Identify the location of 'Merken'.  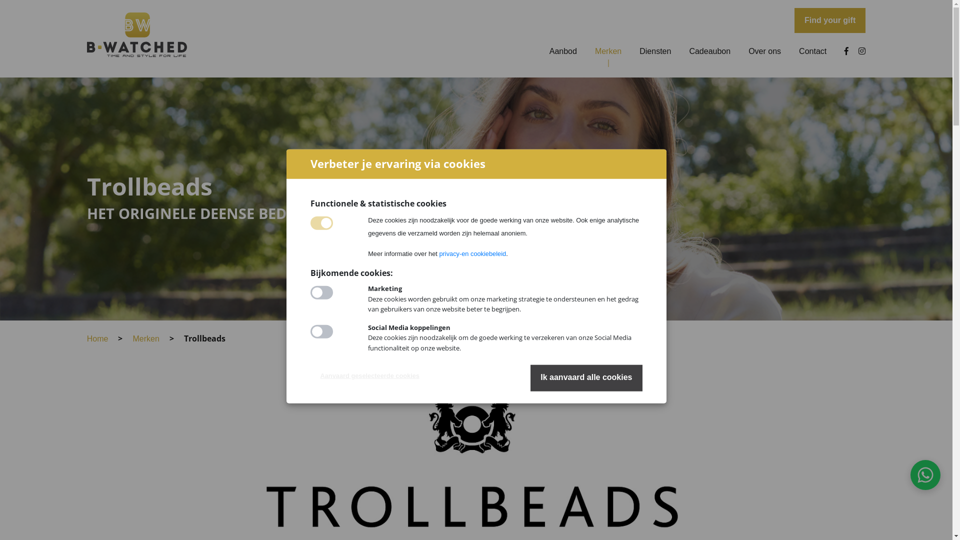
(607, 51).